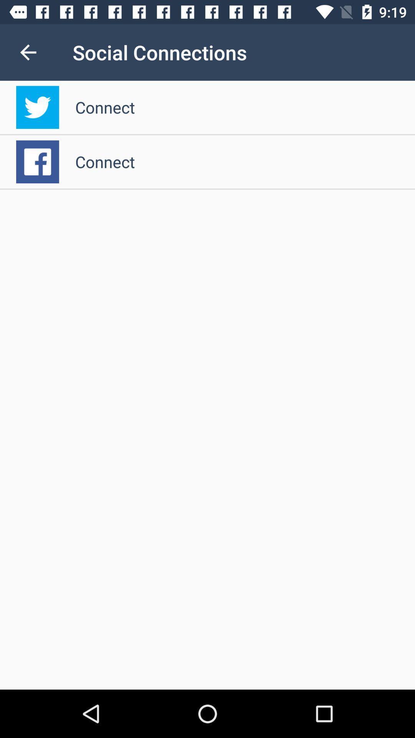 Image resolution: width=415 pixels, height=738 pixels. I want to click on the item next to social connections icon, so click(28, 52).